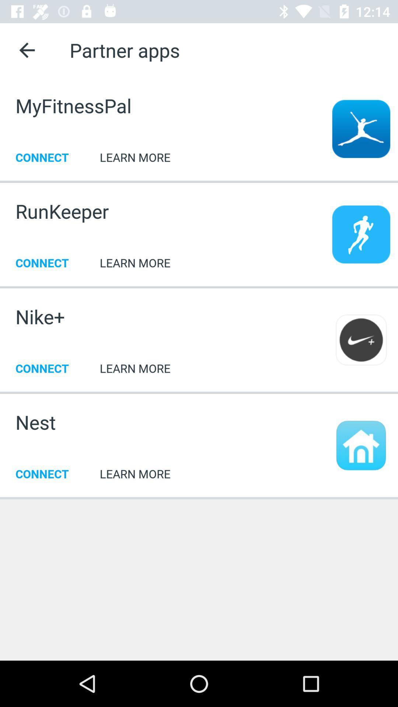 This screenshot has width=398, height=707. Describe the element at coordinates (62, 211) in the screenshot. I see `item above connect icon` at that location.